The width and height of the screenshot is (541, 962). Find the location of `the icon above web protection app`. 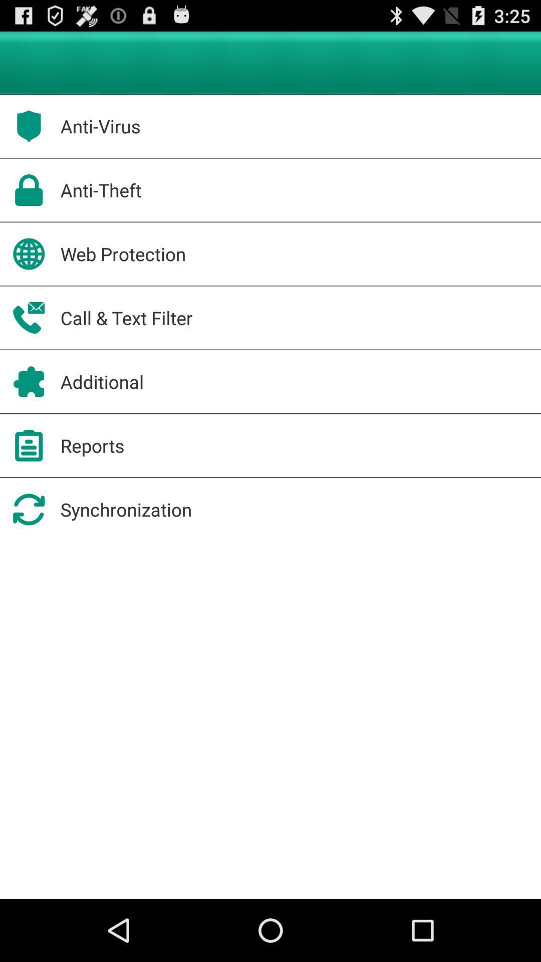

the icon above web protection app is located at coordinates (101, 190).